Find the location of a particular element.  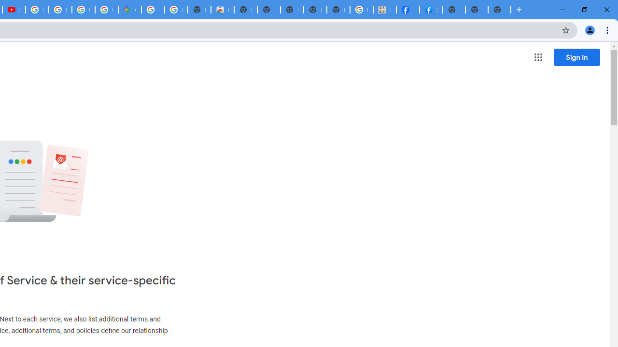

'How Chrome protects your passwords - Google Chrome Help' is located at coordinates (37, 10).